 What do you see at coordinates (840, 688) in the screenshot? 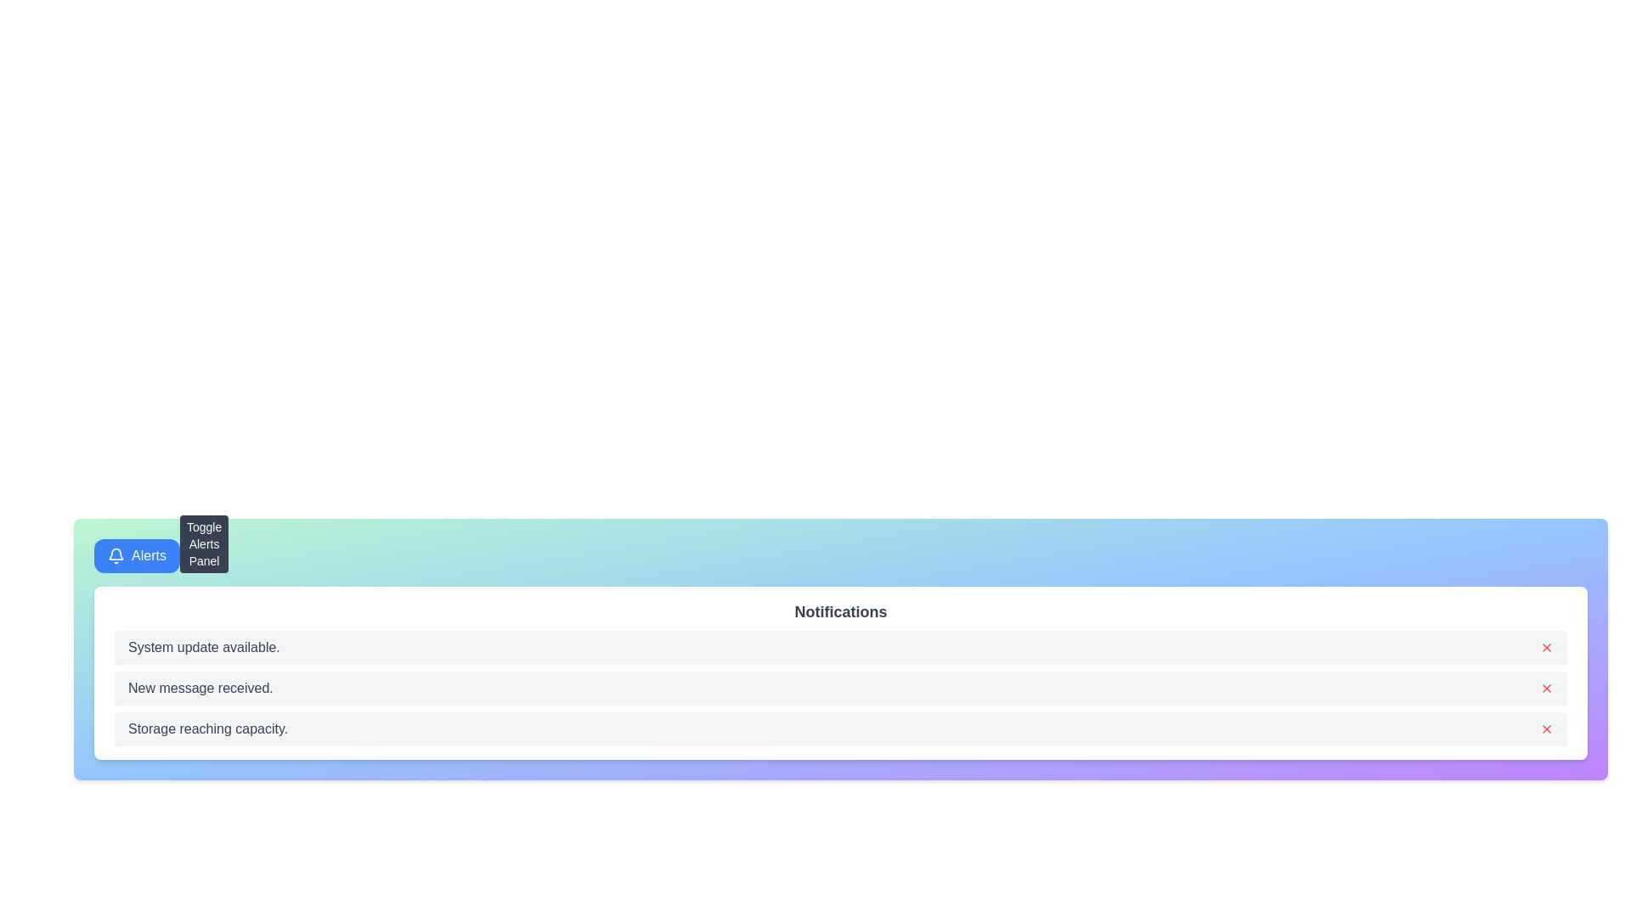
I see `the second notification bar that informs the user about a new message` at bounding box center [840, 688].